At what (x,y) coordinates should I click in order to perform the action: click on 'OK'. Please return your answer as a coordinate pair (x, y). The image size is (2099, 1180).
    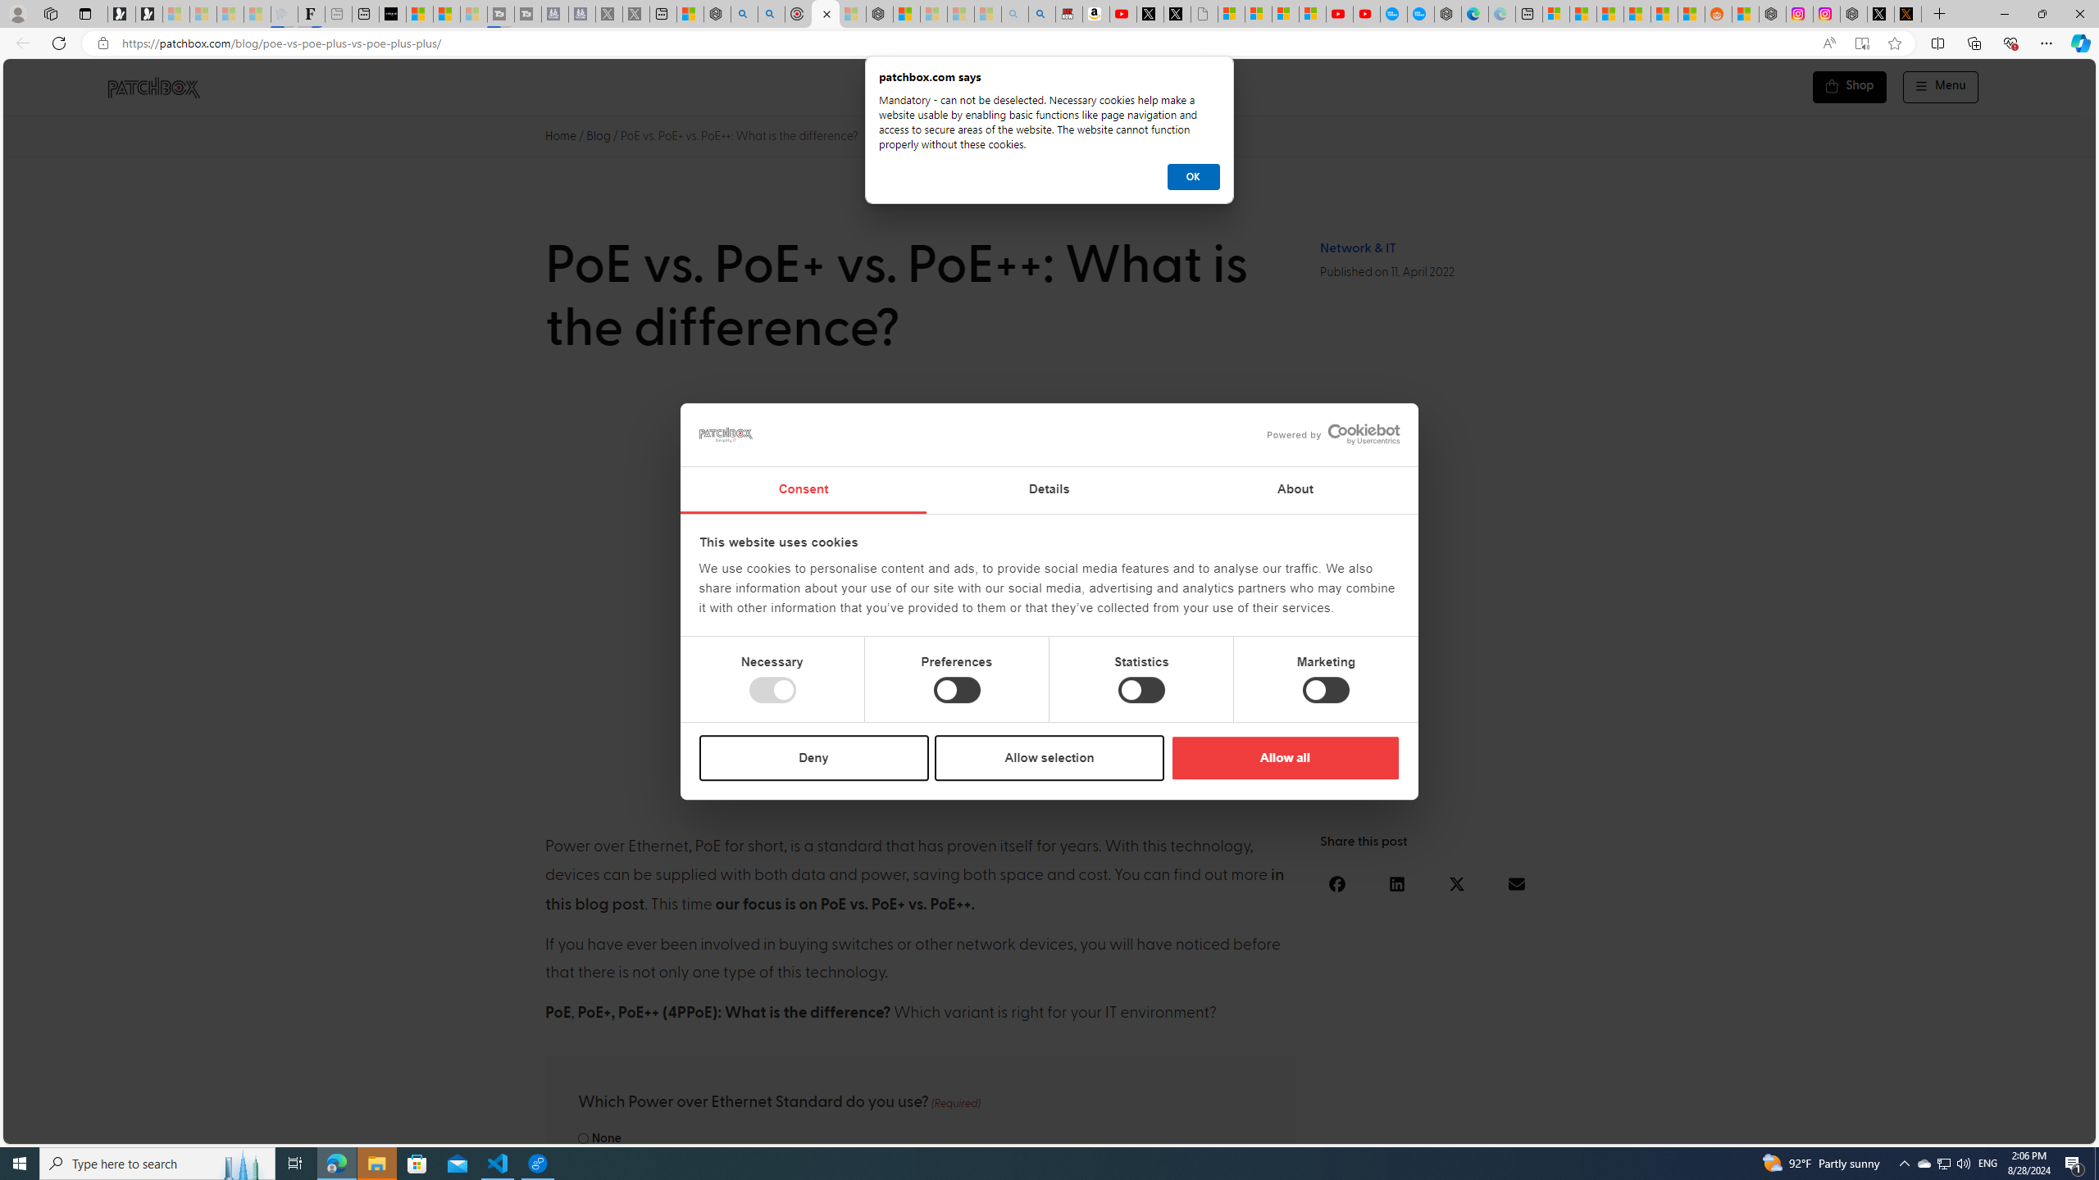
    Looking at the image, I should click on (1193, 176).